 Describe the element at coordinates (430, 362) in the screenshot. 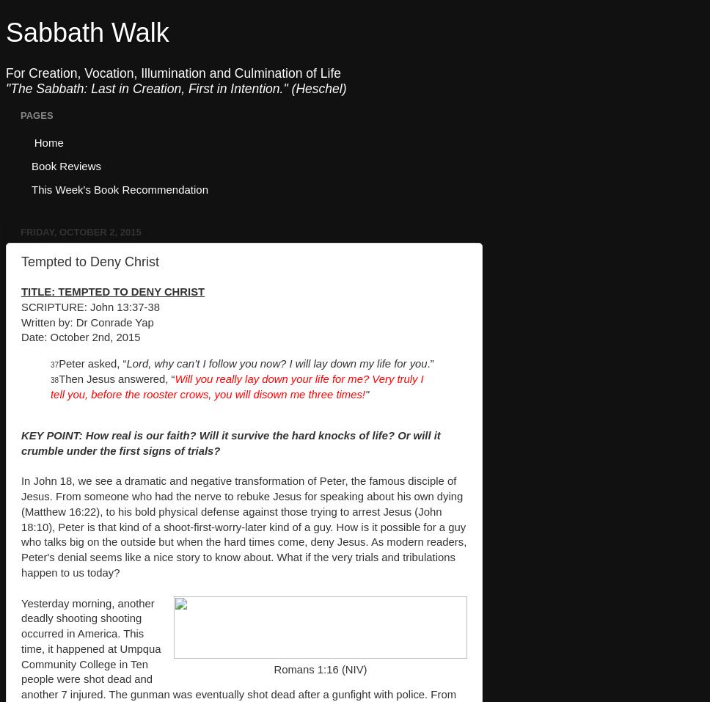

I see `'.”'` at that location.